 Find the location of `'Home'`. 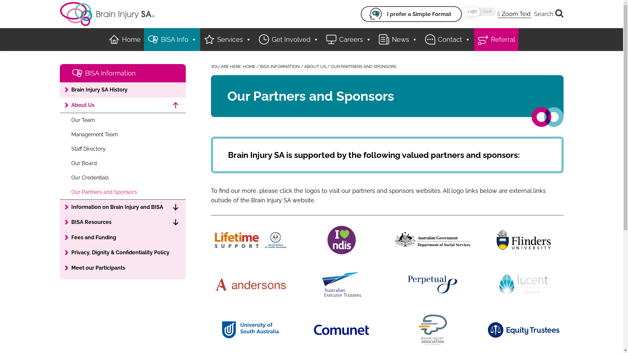

'Home' is located at coordinates (124, 39).